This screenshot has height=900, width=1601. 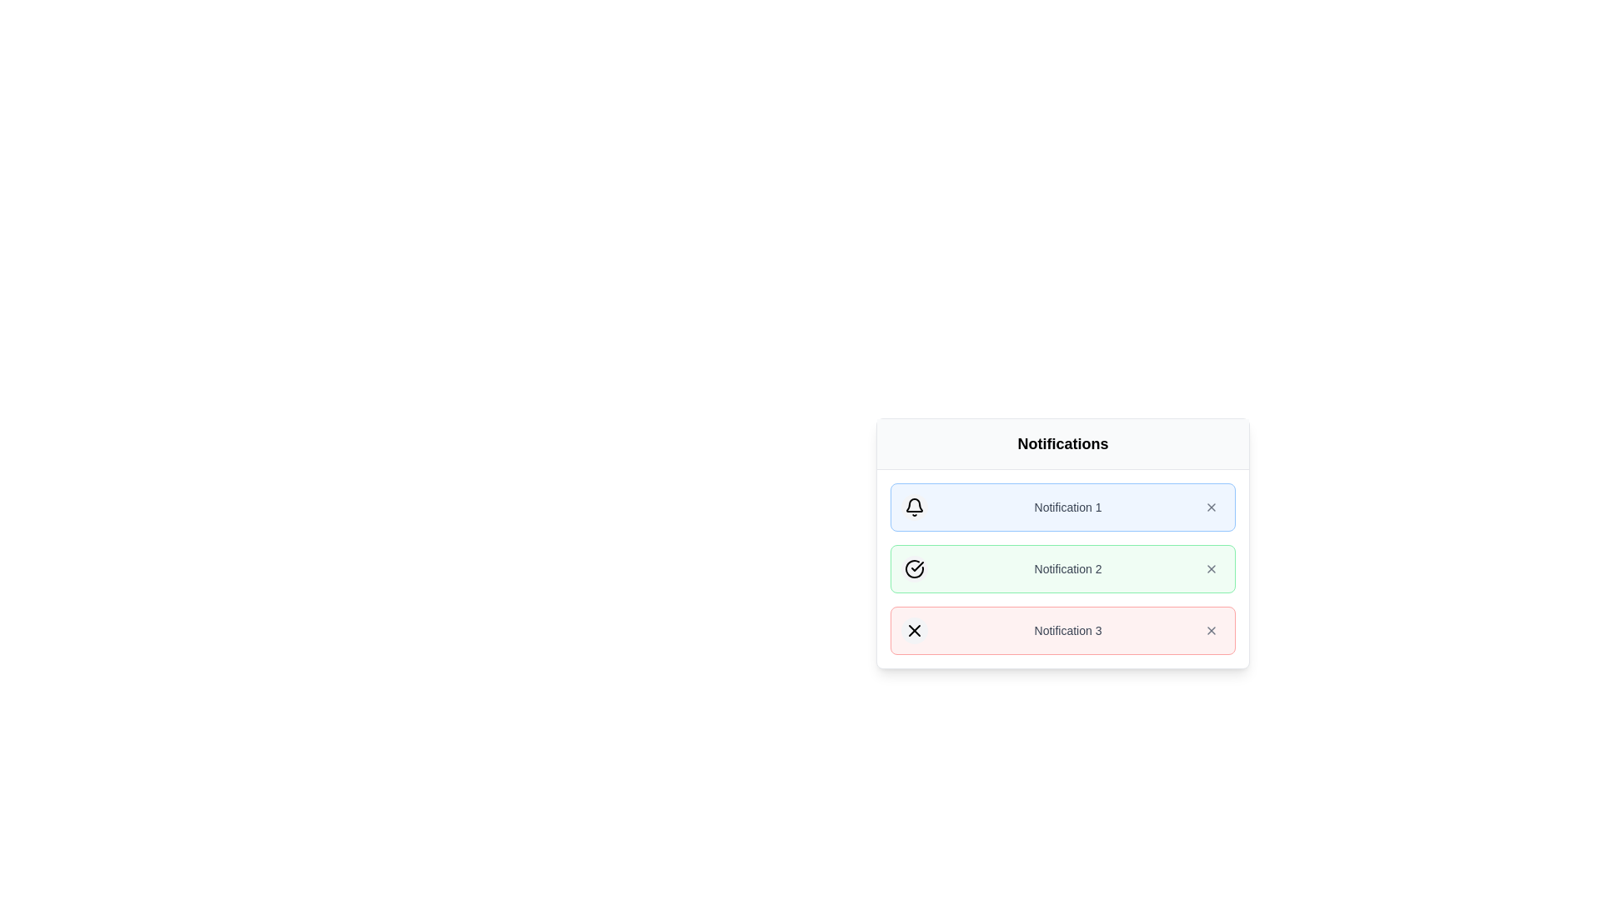 I want to click on the text label 'Notification 3' which is displayed in a medium gray color on a light red background within the third notification card, so click(x=1068, y=630).